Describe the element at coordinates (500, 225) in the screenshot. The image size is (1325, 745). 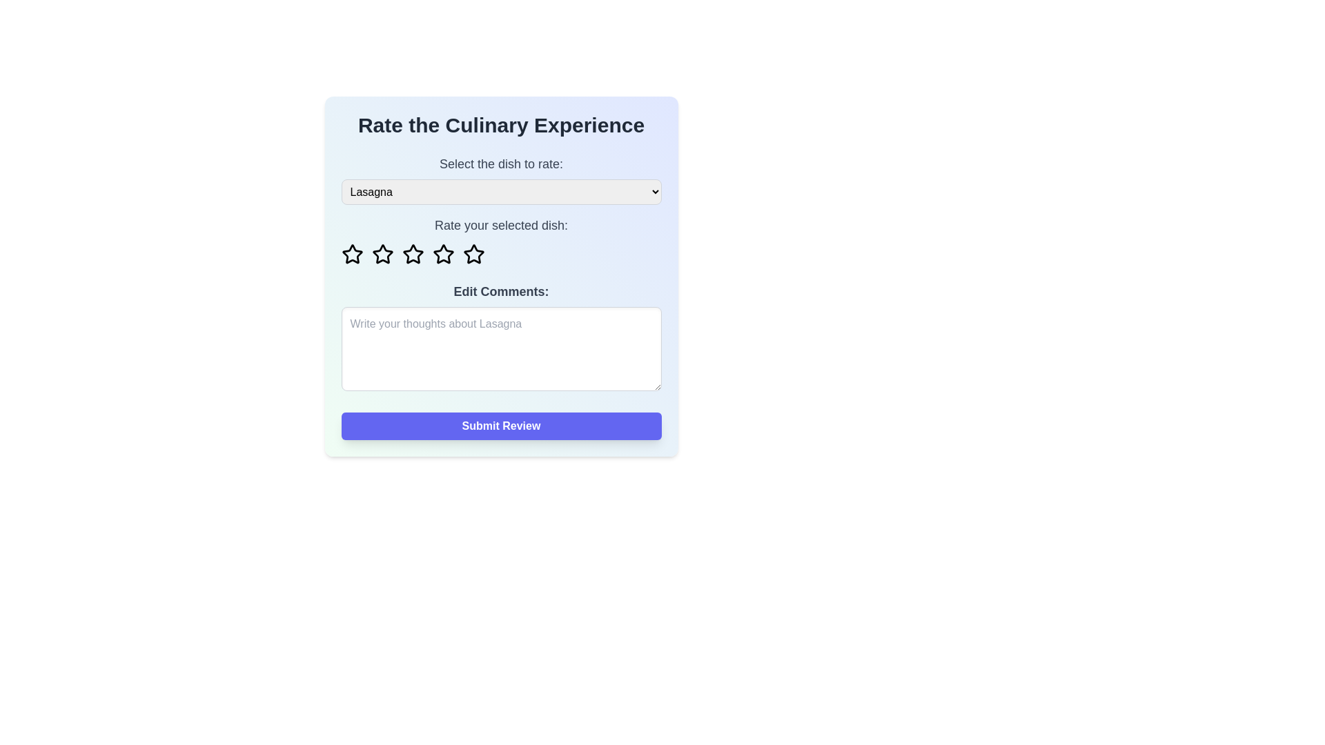
I see `the Text label that explains the purpose of the star icons for rating the dish, positioned directly under the dropdown menu displaying the dish` at that location.